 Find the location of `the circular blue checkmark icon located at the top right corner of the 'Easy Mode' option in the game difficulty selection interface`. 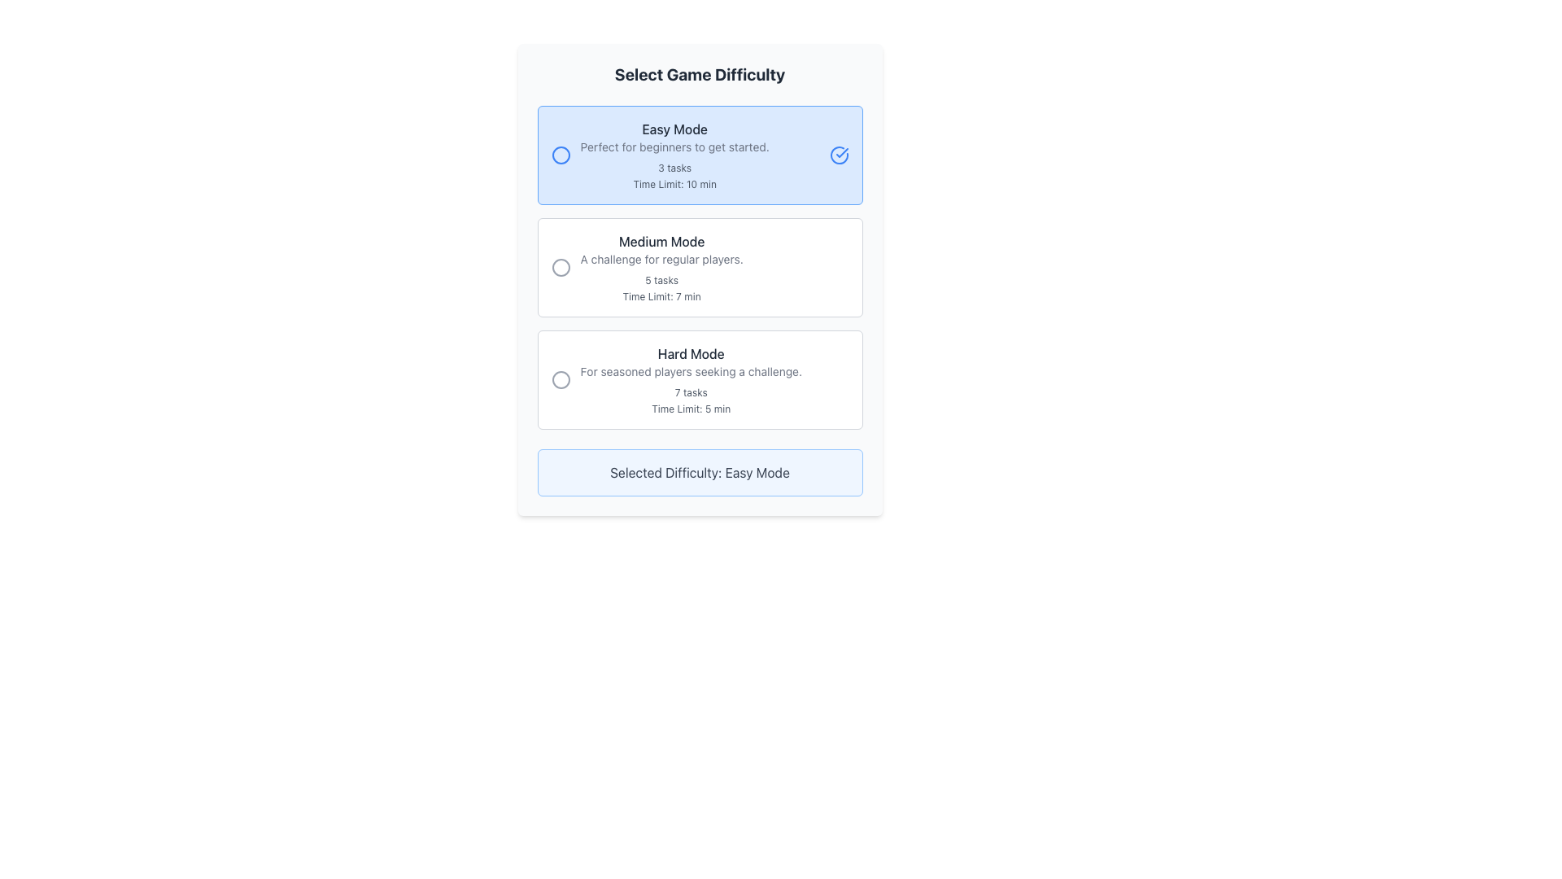

the circular blue checkmark icon located at the top right corner of the 'Easy Mode' option in the game difficulty selection interface is located at coordinates (839, 155).